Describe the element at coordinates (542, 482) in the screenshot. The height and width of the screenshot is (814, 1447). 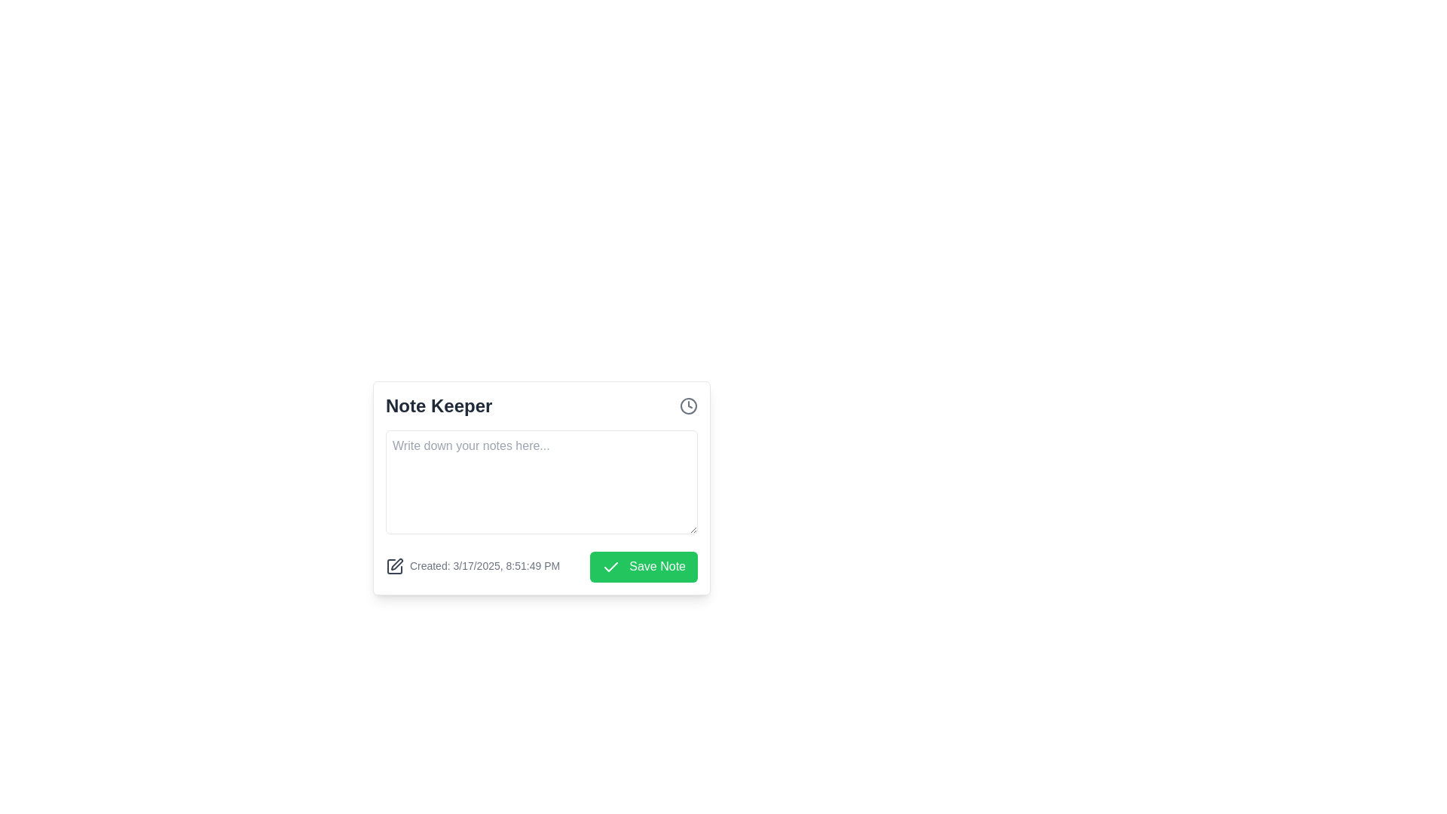
I see `to select text in the rectangular text input field located below the title 'Note Keeper' with placeholder text 'Write down your notes here...'` at that location.